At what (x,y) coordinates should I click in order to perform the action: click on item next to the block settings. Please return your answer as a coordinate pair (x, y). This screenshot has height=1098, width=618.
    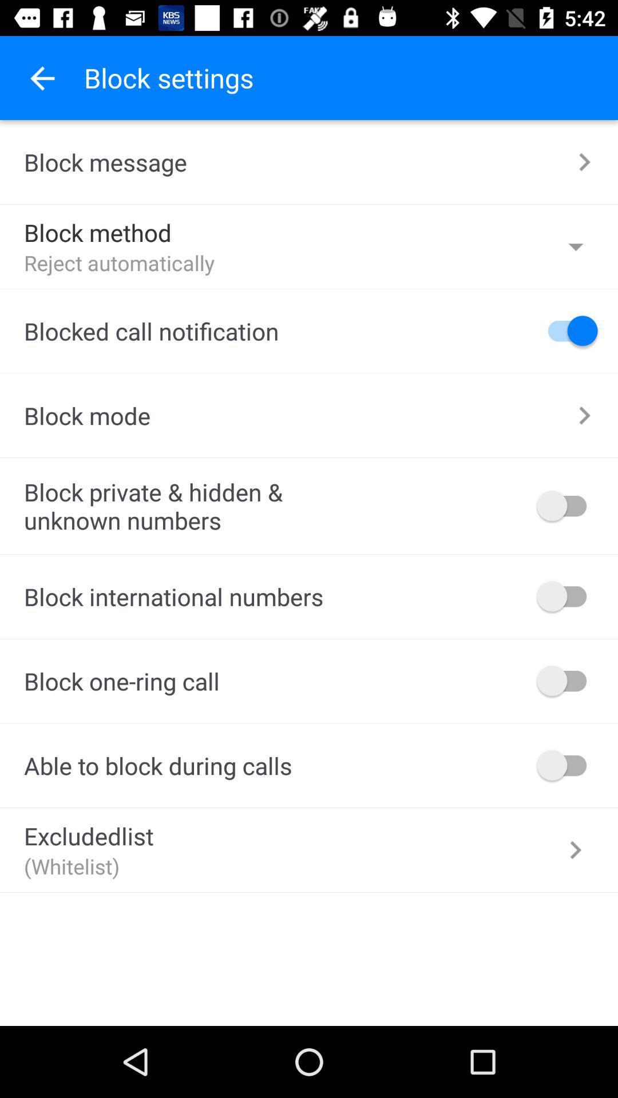
    Looking at the image, I should click on (41, 77).